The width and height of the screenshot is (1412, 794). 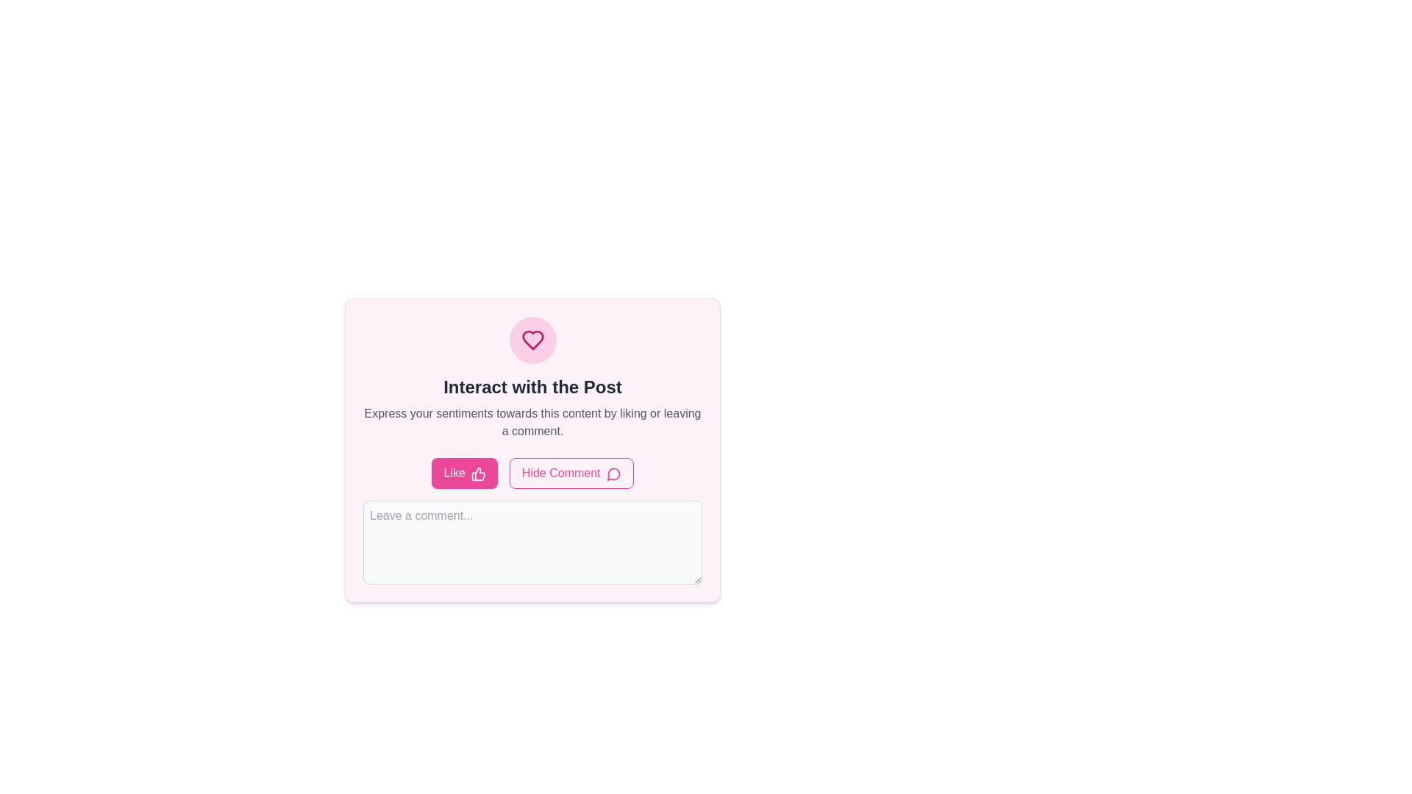 What do you see at coordinates (532, 387) in the screenshot?
I see `the text label displaying 'Interact with the Post', which is in a large, bold font and dark gray color, located below a pink heart icon` at bounding box center [532, 387].